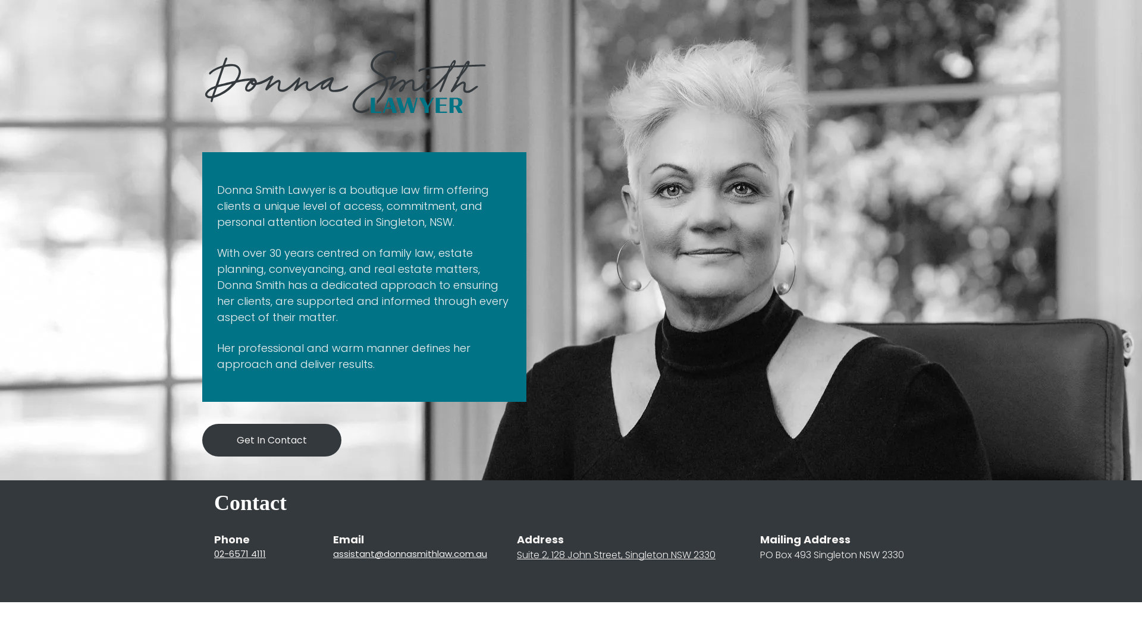 The image size is (1142, 642). What do you see at coordinates (214, 553) in the screenshot?
I see `'02-6571 4111'` at bounding box center [214, 553].